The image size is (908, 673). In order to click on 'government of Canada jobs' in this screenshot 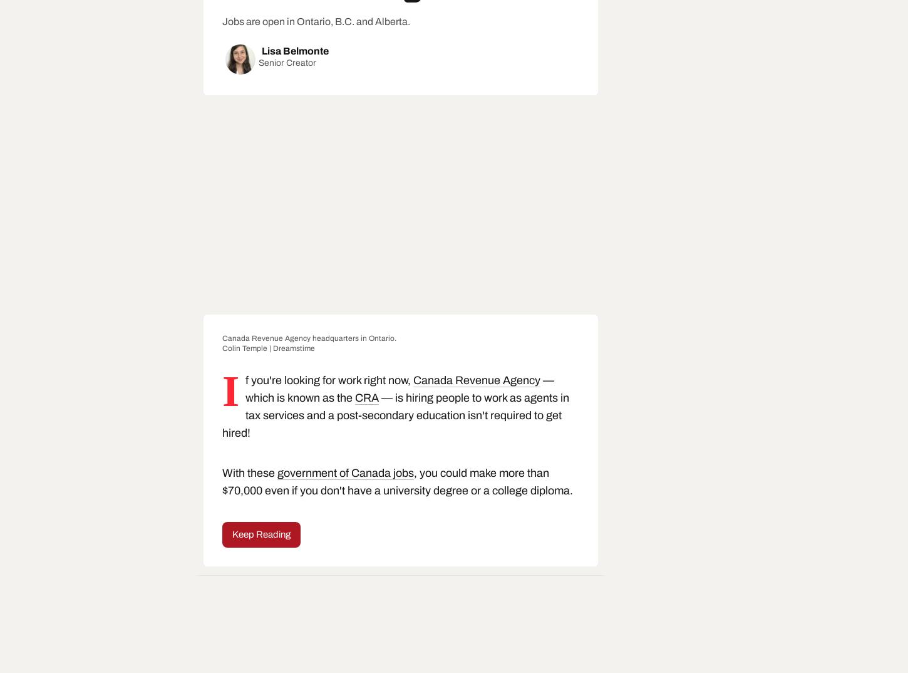, I will do `click(346, 472)`.